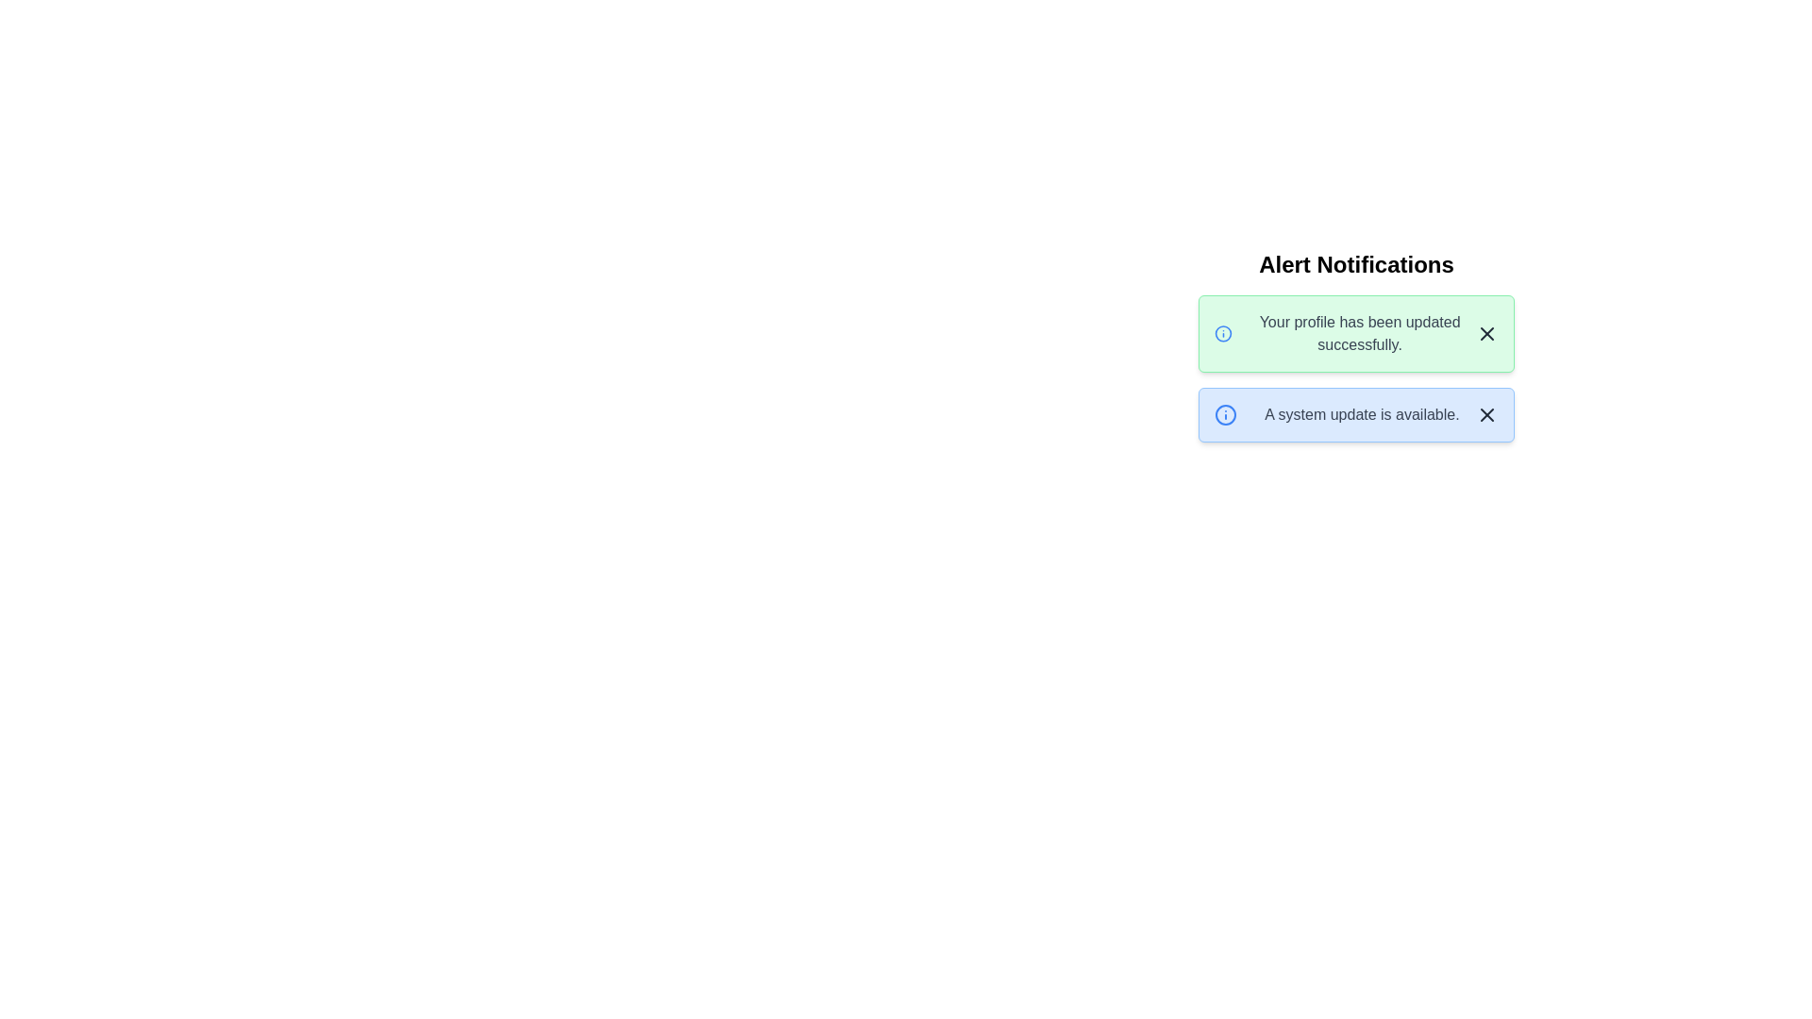 The height and width of the screenshot is (1019, 1812). I want to click on the success icon located in the green notification card in the 'Alert Notifications' section, which precedes the text 'Your profile has been updated successfully.', so click(1223, 333).